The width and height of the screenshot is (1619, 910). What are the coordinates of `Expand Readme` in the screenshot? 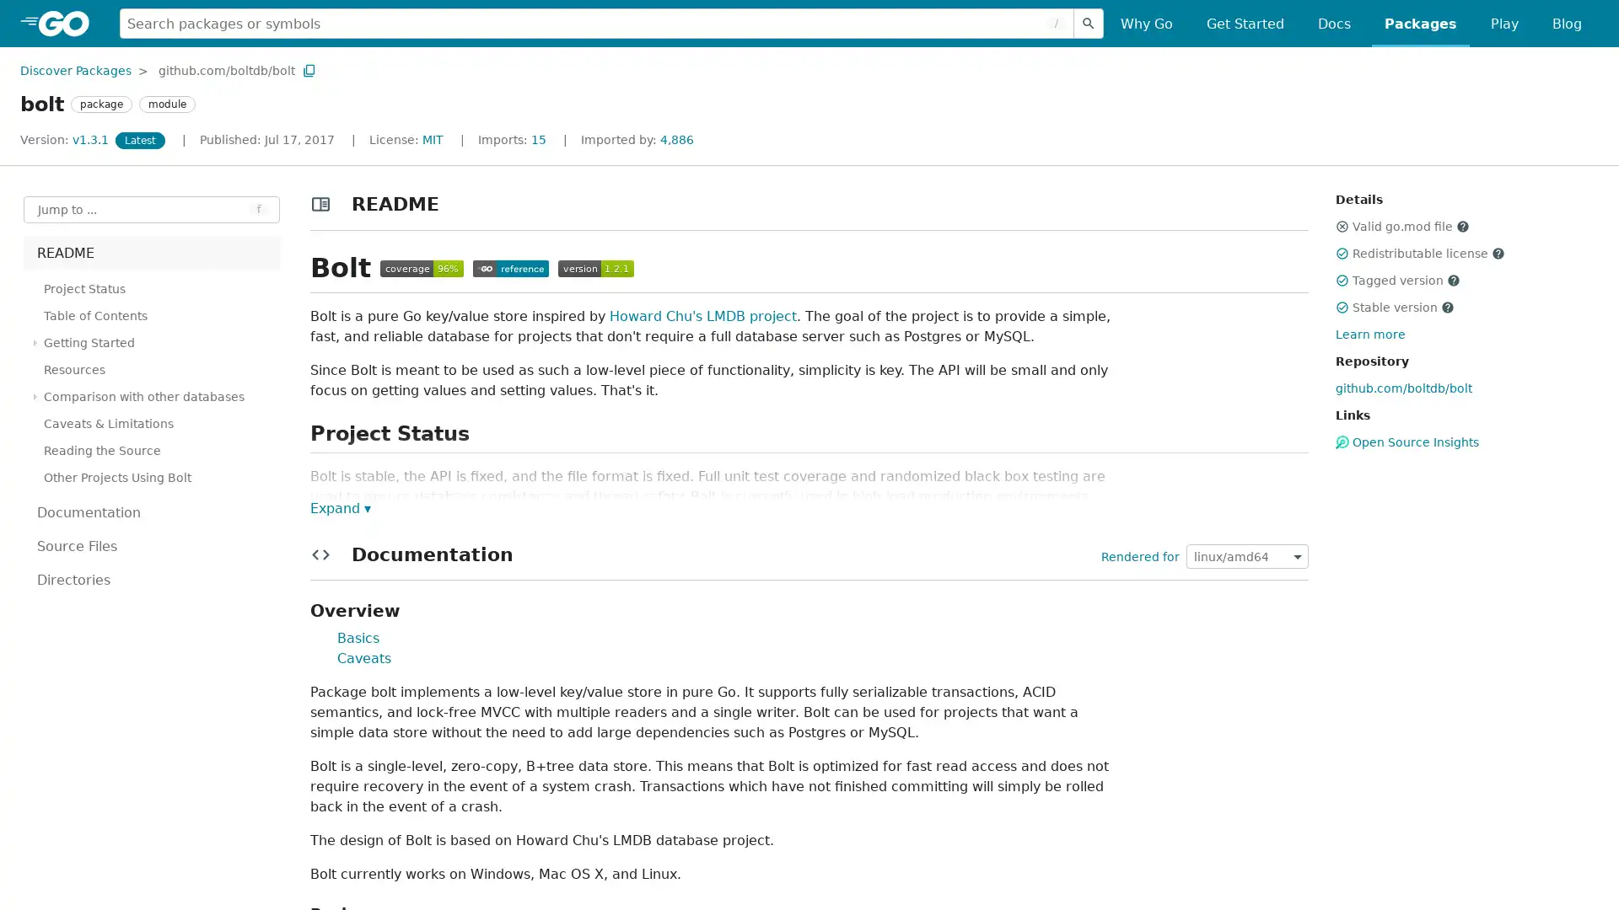 It's located at (339, 506).